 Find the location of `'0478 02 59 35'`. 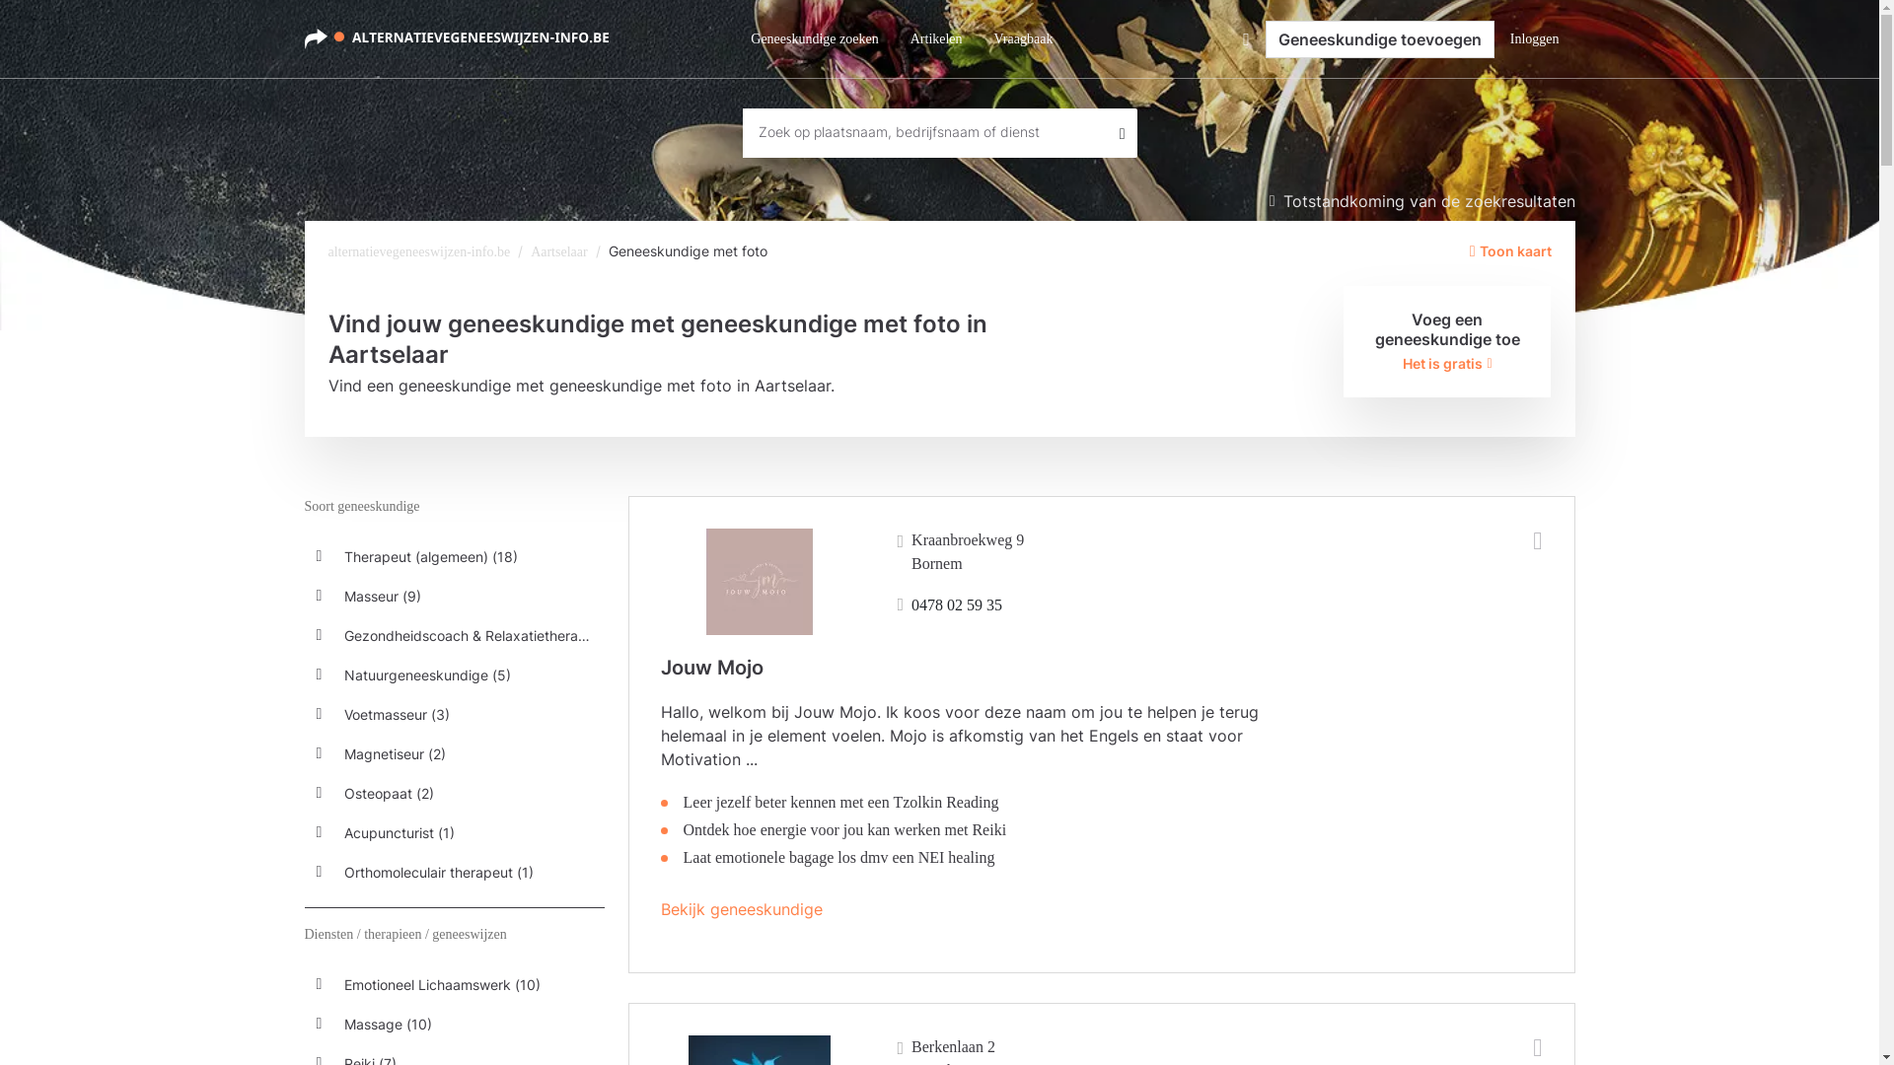

'0478 02 59 35' is located at coordinates (950, 603).